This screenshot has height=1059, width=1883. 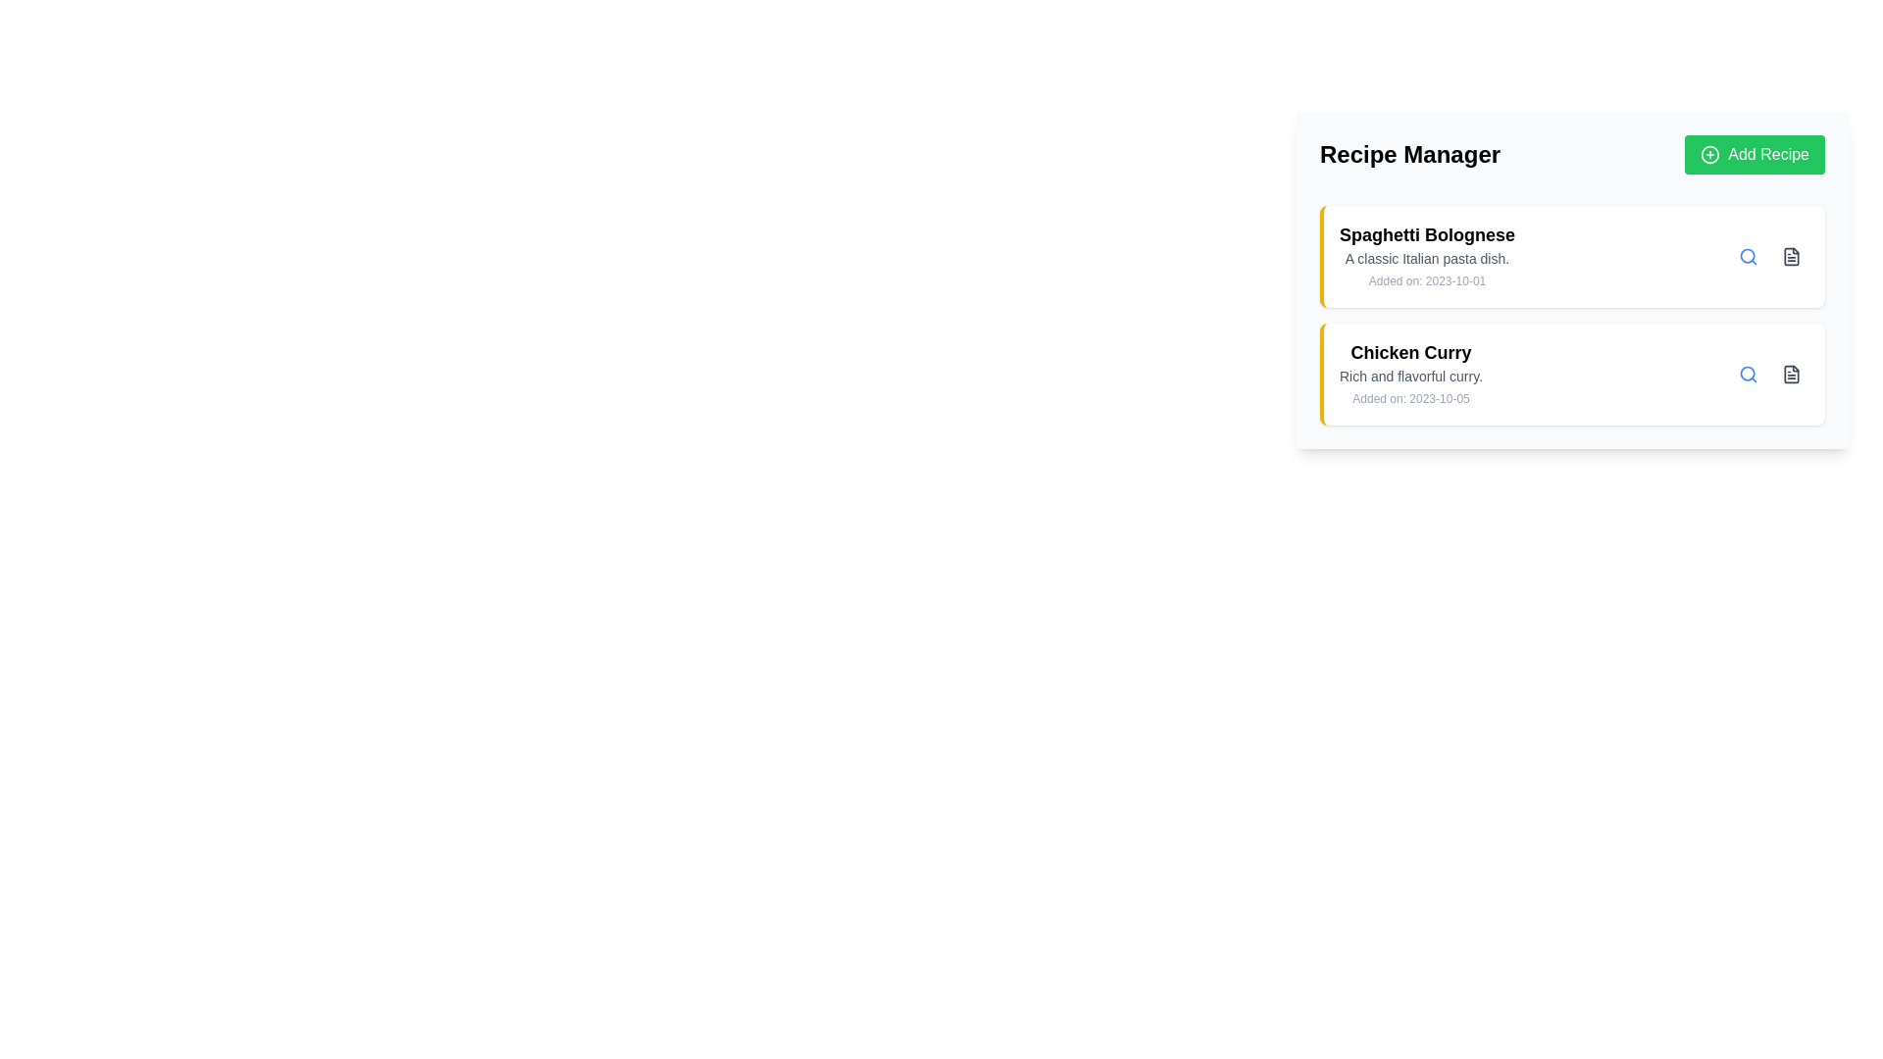 What do you see at coordinates (1427, 257) in the screenshot?
I see `the text label displaying 'A classic Italian pasta dish.' which is located below the title 'Spaghetti Bolognese' in the upper-right quadrant of the interface` at bounding box center [1427, 257].